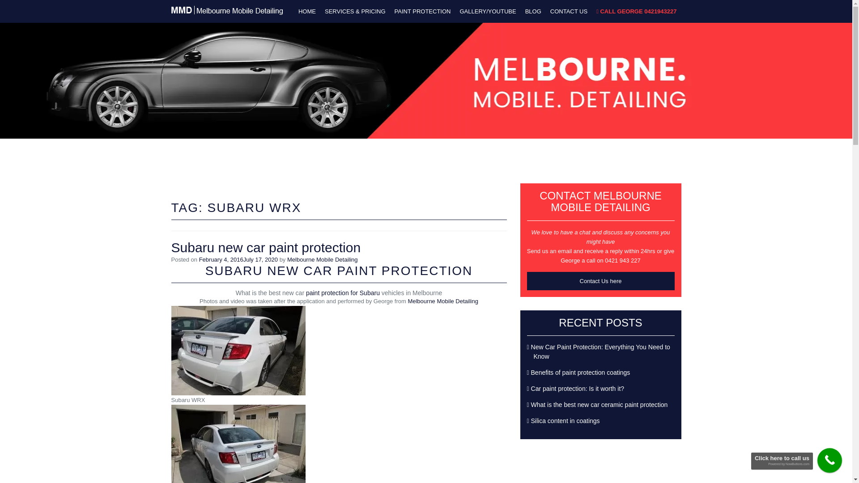  Describe the element at coordinates (266, 270) in the screenshot. I see `'NEW CAR PAINT PROTECTION'` at that location.